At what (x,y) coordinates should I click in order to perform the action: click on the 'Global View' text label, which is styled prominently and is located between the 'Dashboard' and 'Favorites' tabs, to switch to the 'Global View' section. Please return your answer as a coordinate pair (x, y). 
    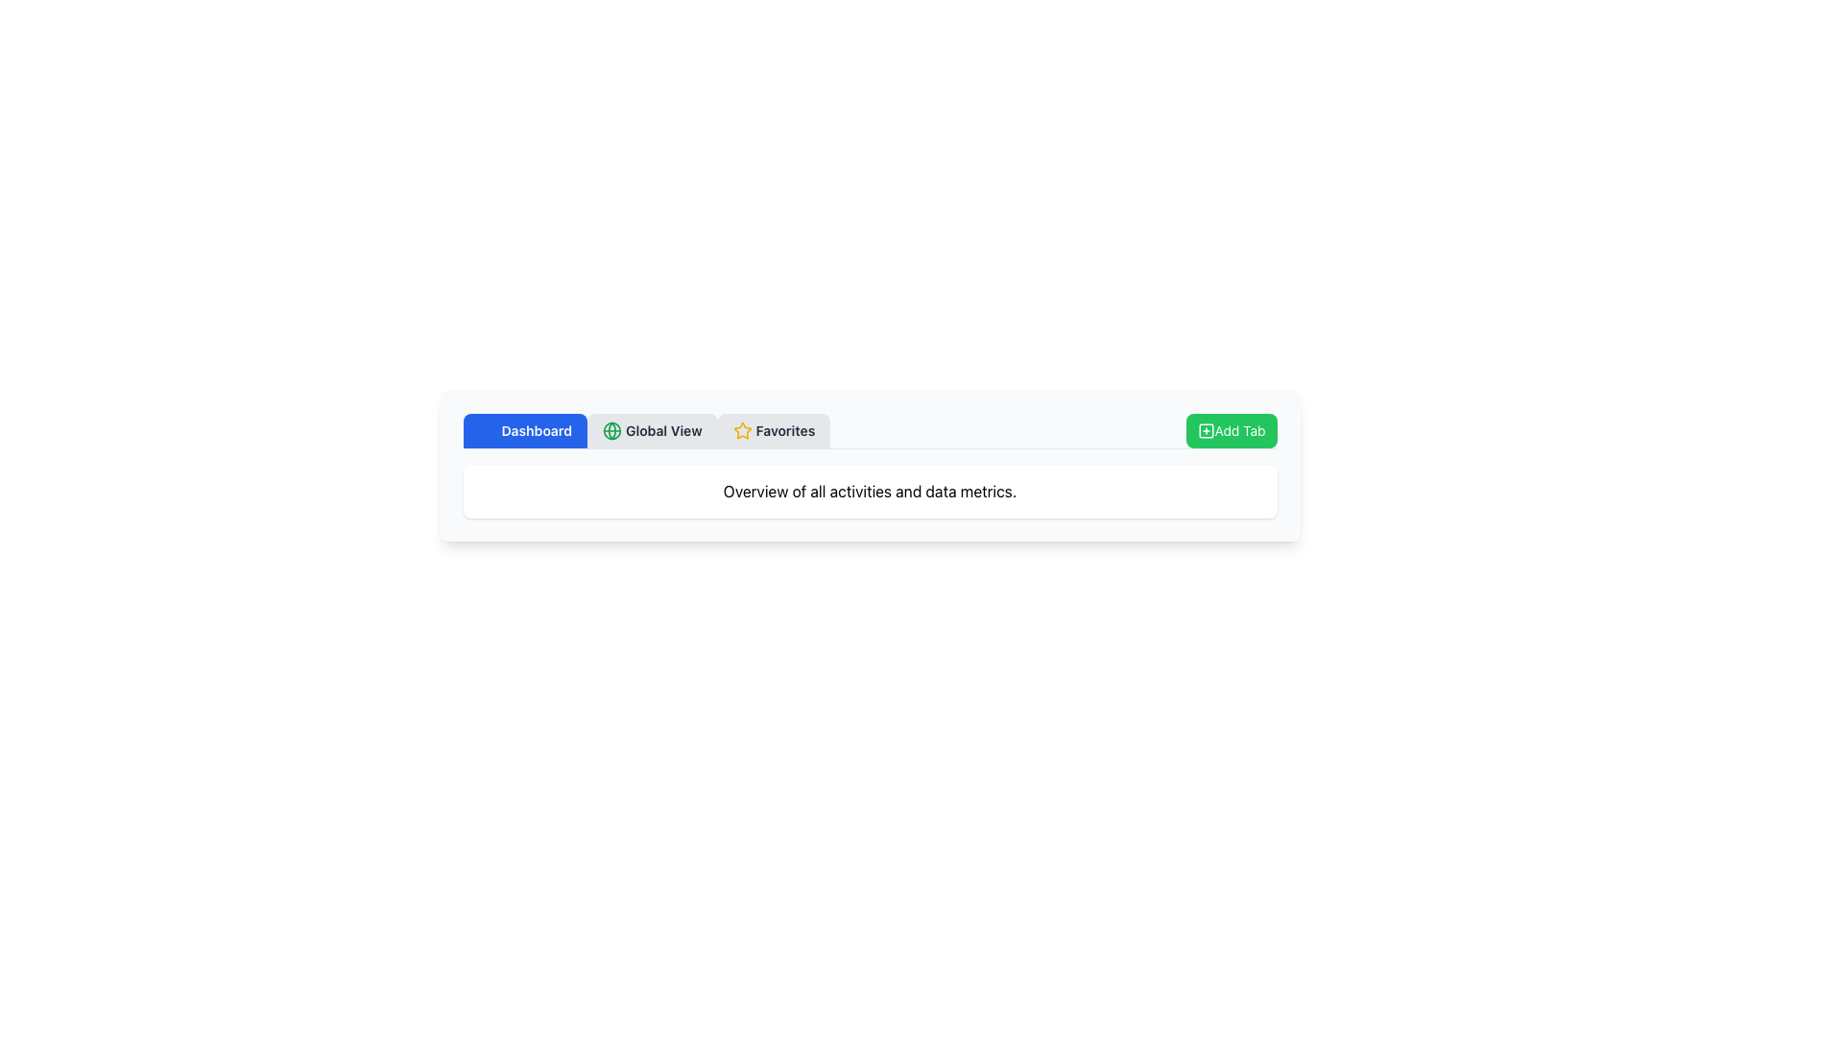
    Looking at the image, I should click on (663, 429).